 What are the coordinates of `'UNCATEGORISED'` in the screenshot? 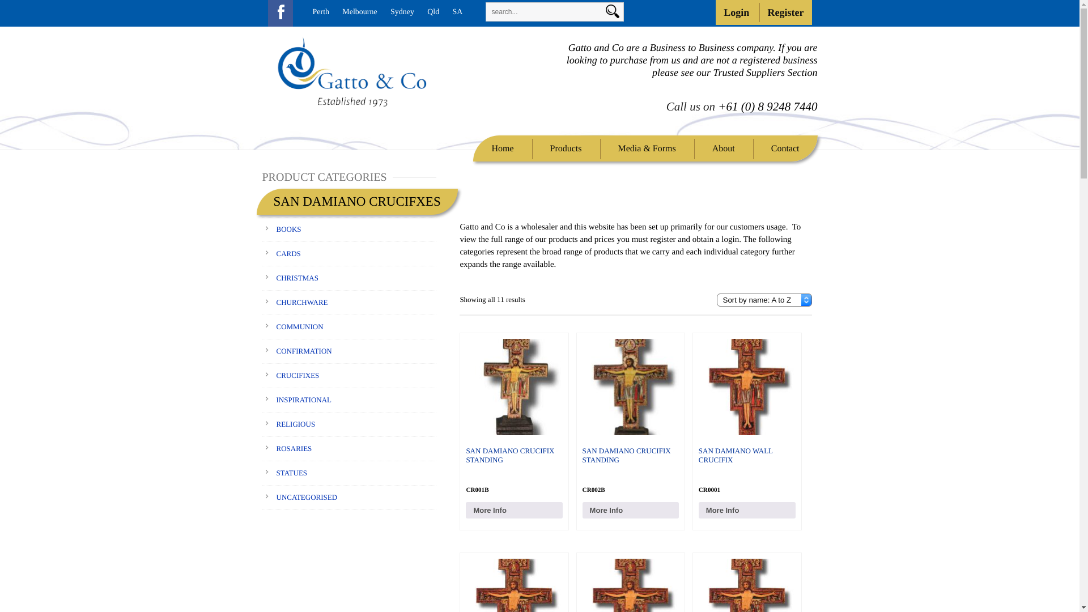 It's located at (307, 496).